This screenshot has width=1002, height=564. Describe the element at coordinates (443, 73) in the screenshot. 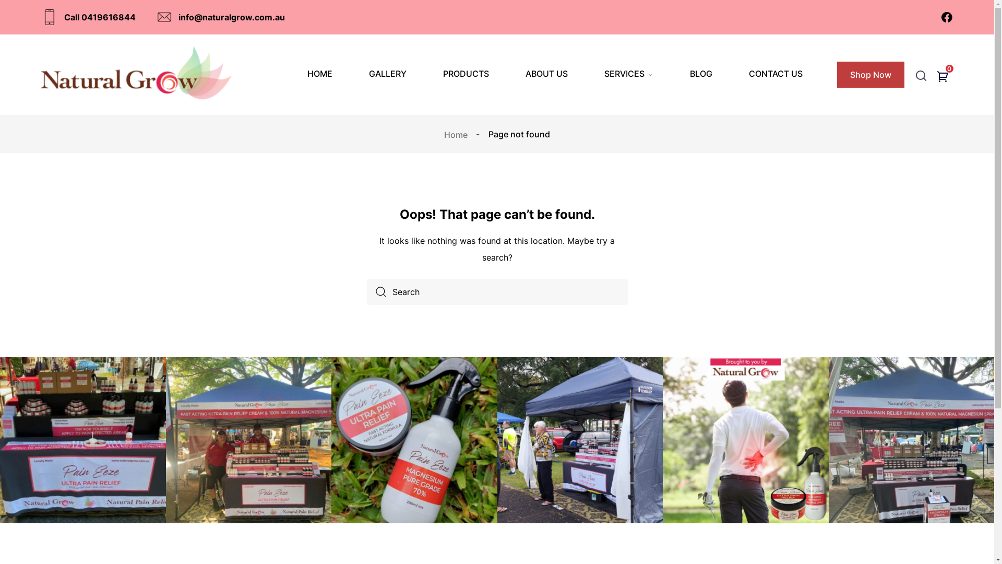

I see `'PRODUCTS'` at that location.